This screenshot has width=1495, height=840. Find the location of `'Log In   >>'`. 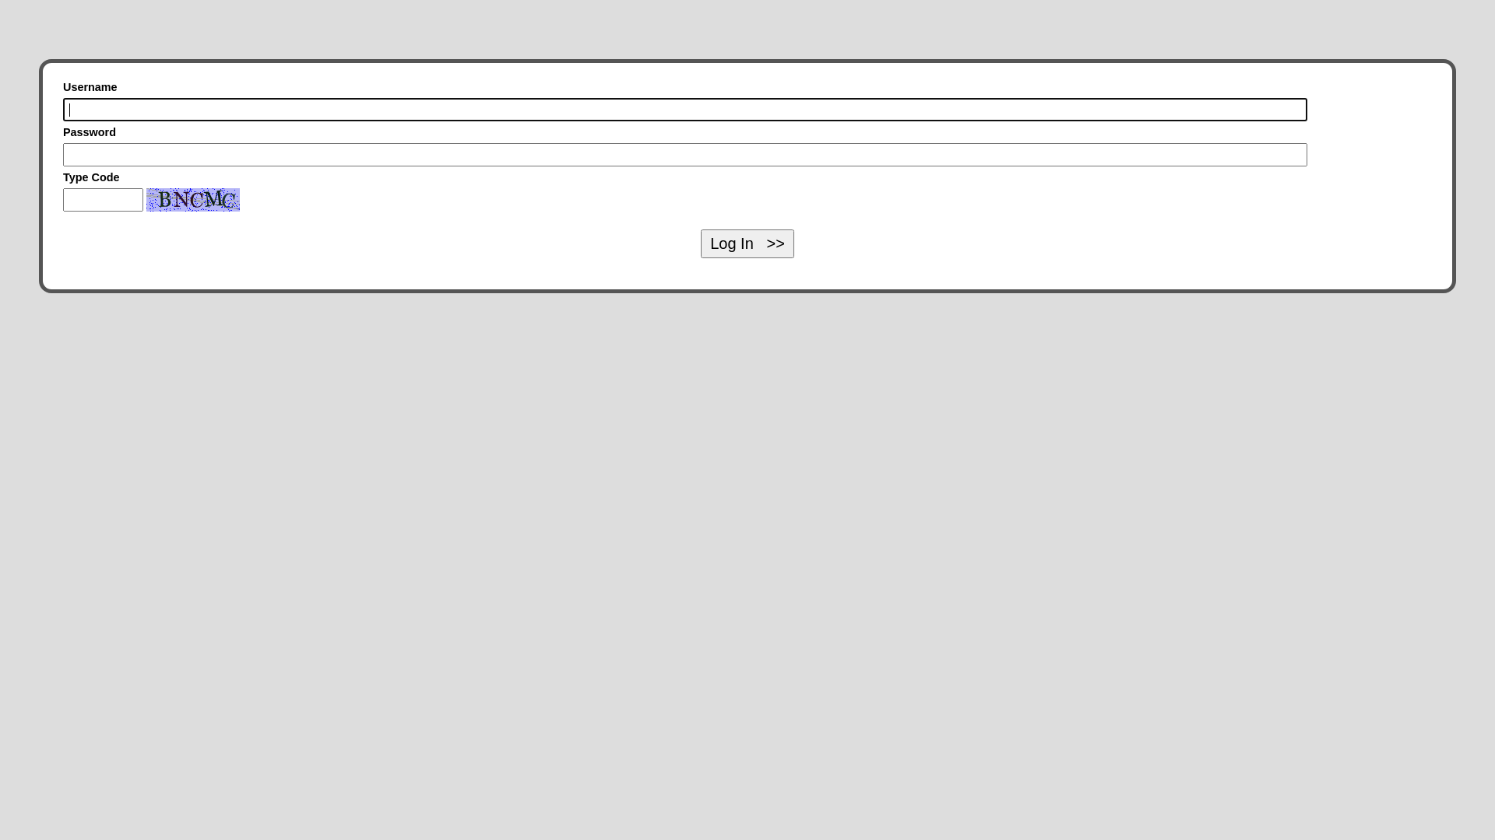

'Log In   >>' is located at coordinates (747, 243).